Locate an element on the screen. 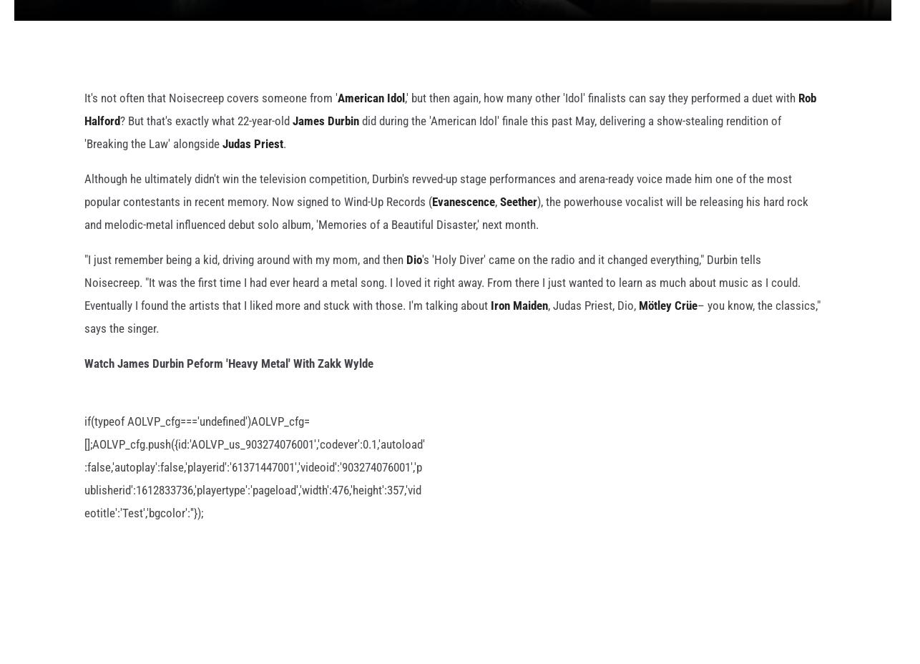 The width and height of the screenshot is (920, 664). ', Judas Priest, Dio,' is located at coordinates (593, 328).